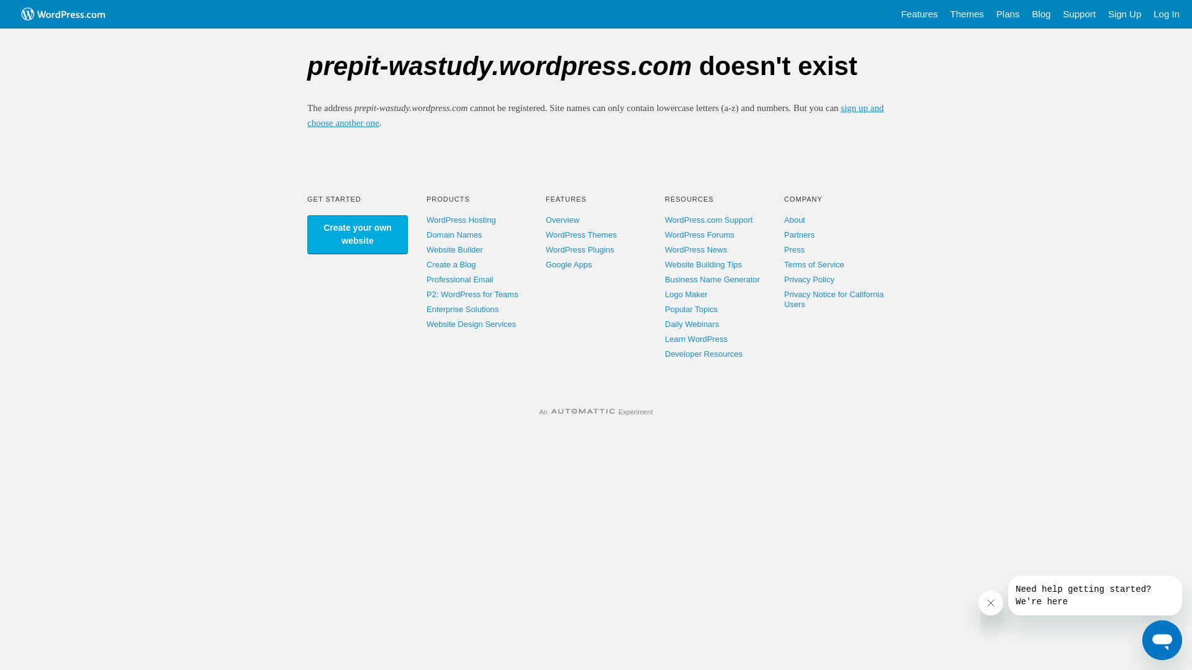  What do you see at coordinates (357, 234) in the screenshot?
I see `'Create your own website'` at bounding box center [357, 234].